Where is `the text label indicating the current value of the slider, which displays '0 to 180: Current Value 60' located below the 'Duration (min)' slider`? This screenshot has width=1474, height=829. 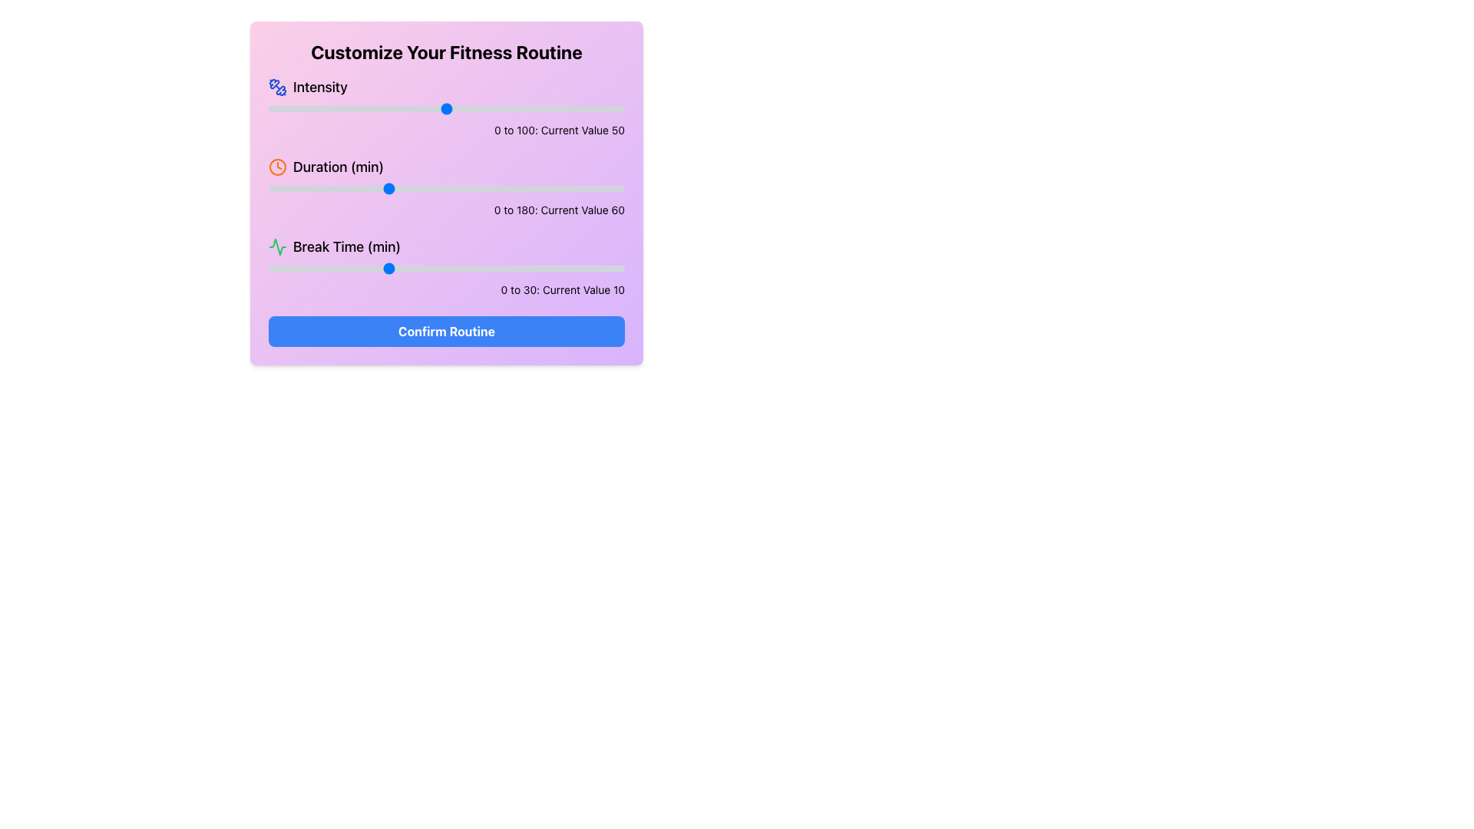
the text label indicating the current value of the slider, which displays '0 to 180: Current Value 60' located below the 'Duration (min)' slider is located at coordinates (445, 210).